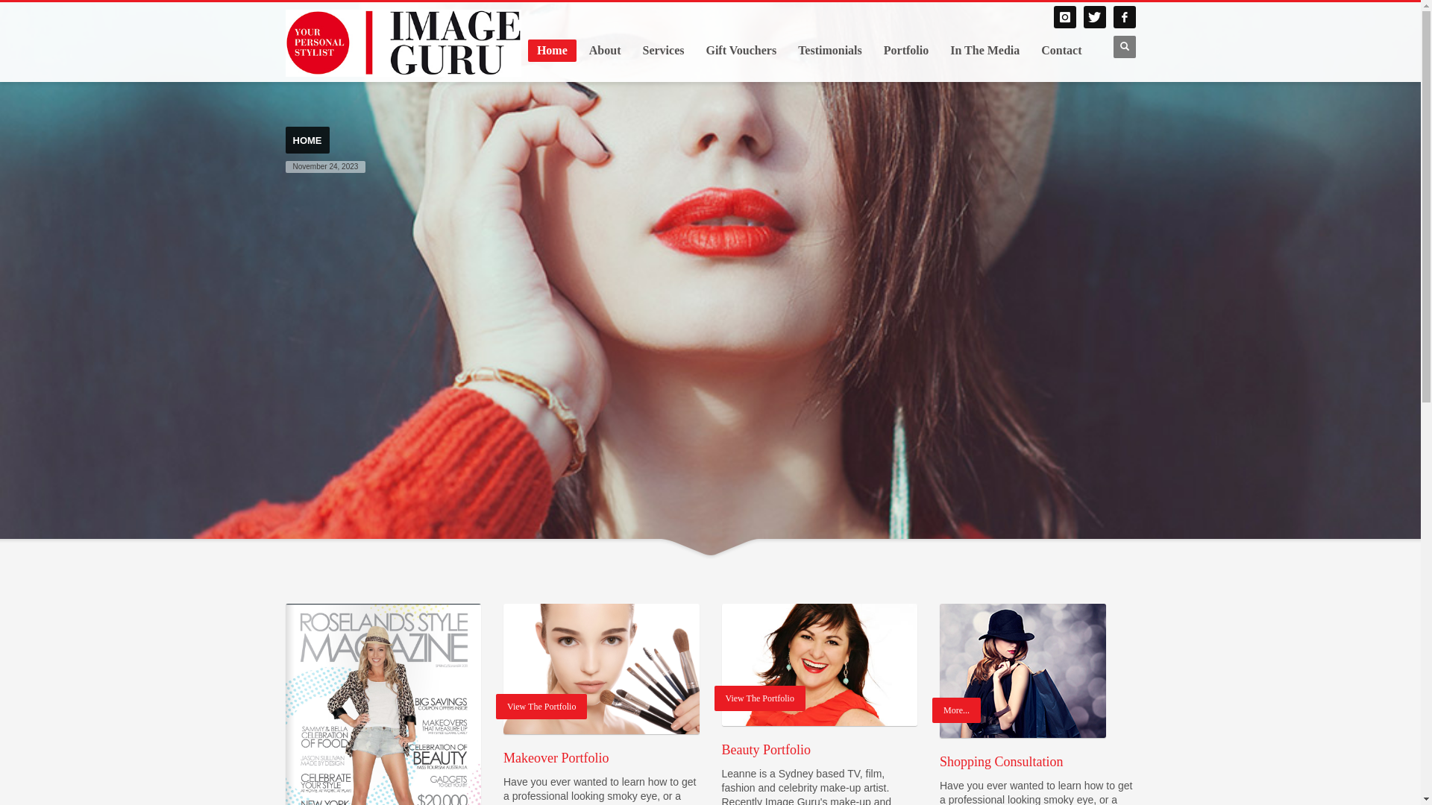 This screenshot has height=805, width=1432. I want to click on 'Beauty Portfolio', so click(819, 663).